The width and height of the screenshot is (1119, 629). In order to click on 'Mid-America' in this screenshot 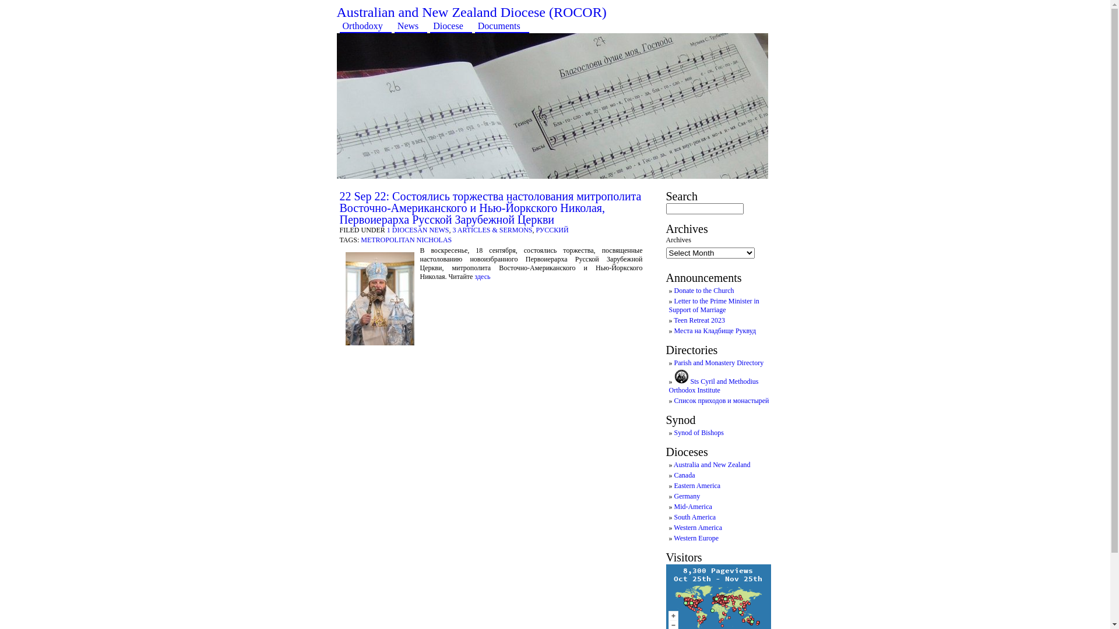, I will do `click(692, 506)`.